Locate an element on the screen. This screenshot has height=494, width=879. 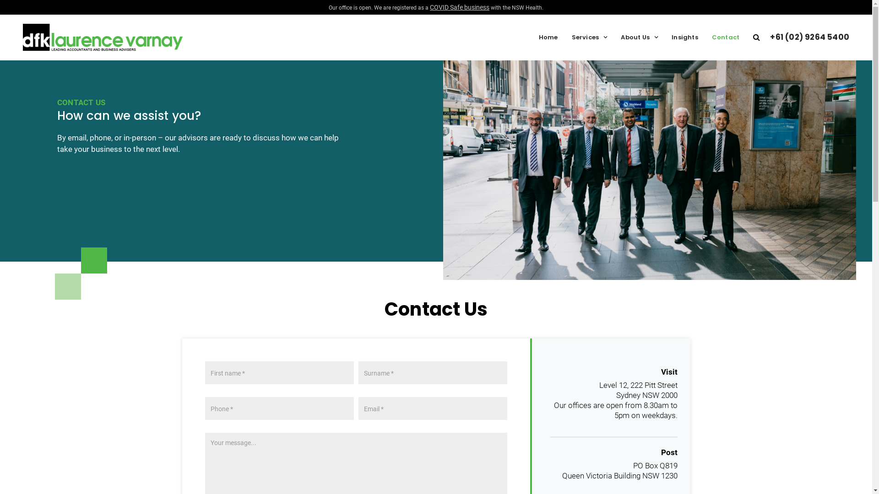
'Contact' is located at coordinates (725, 37).